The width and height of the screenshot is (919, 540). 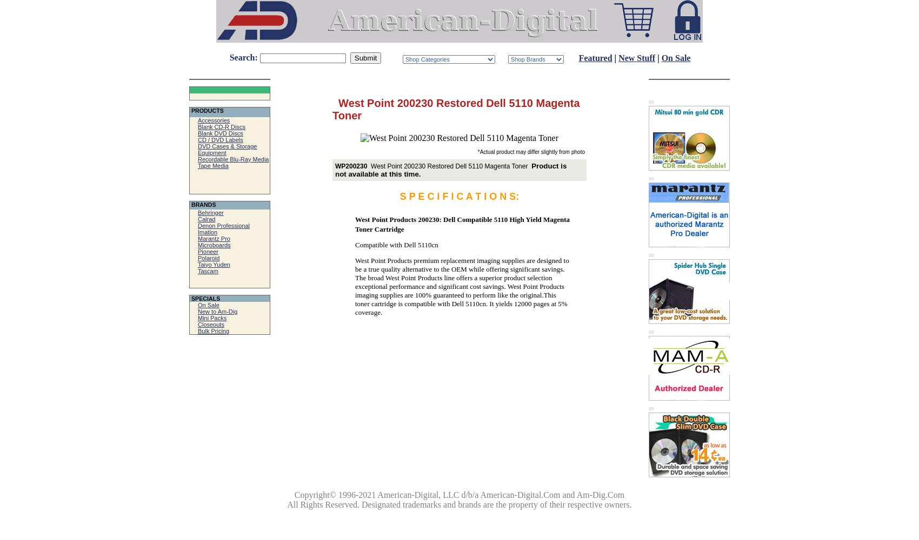 What do you see at coordinates (450, 169) in the screenshot?
I see `'Product is not available at this time.'` at bounding box center [450, 169].